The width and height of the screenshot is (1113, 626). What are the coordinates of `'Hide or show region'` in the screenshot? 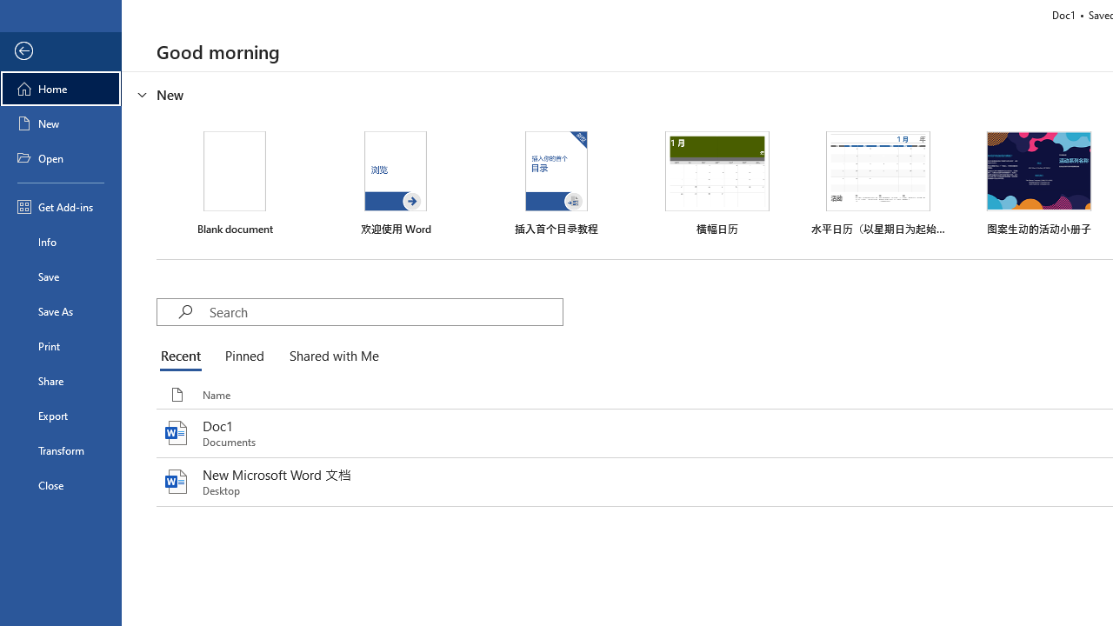 It's located at (143, 95).